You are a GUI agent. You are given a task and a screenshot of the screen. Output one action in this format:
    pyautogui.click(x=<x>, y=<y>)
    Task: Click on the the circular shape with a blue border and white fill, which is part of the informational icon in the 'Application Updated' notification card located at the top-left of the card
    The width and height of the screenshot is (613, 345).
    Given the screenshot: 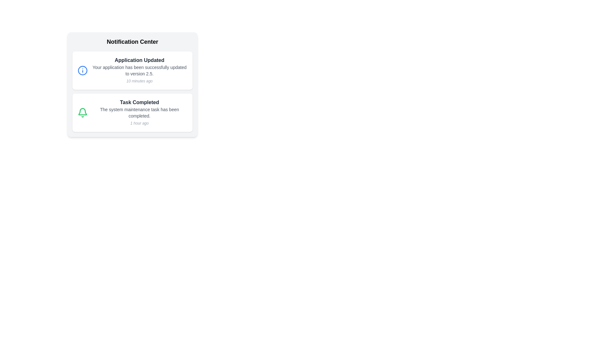 What is the action you would take?
    pyautogui.click(x=82, y=70)
    